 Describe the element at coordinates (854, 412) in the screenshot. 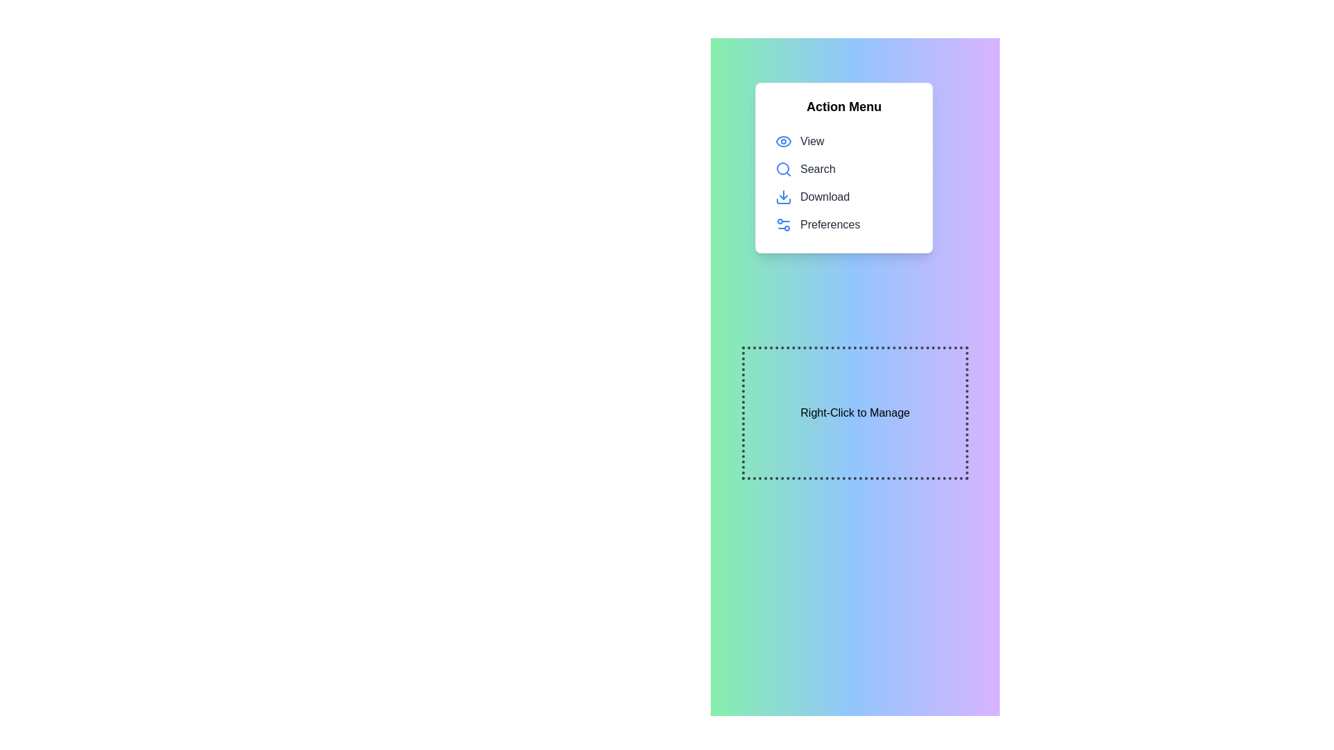

I see `the dotted box to toggle the menu visibility` at that location.